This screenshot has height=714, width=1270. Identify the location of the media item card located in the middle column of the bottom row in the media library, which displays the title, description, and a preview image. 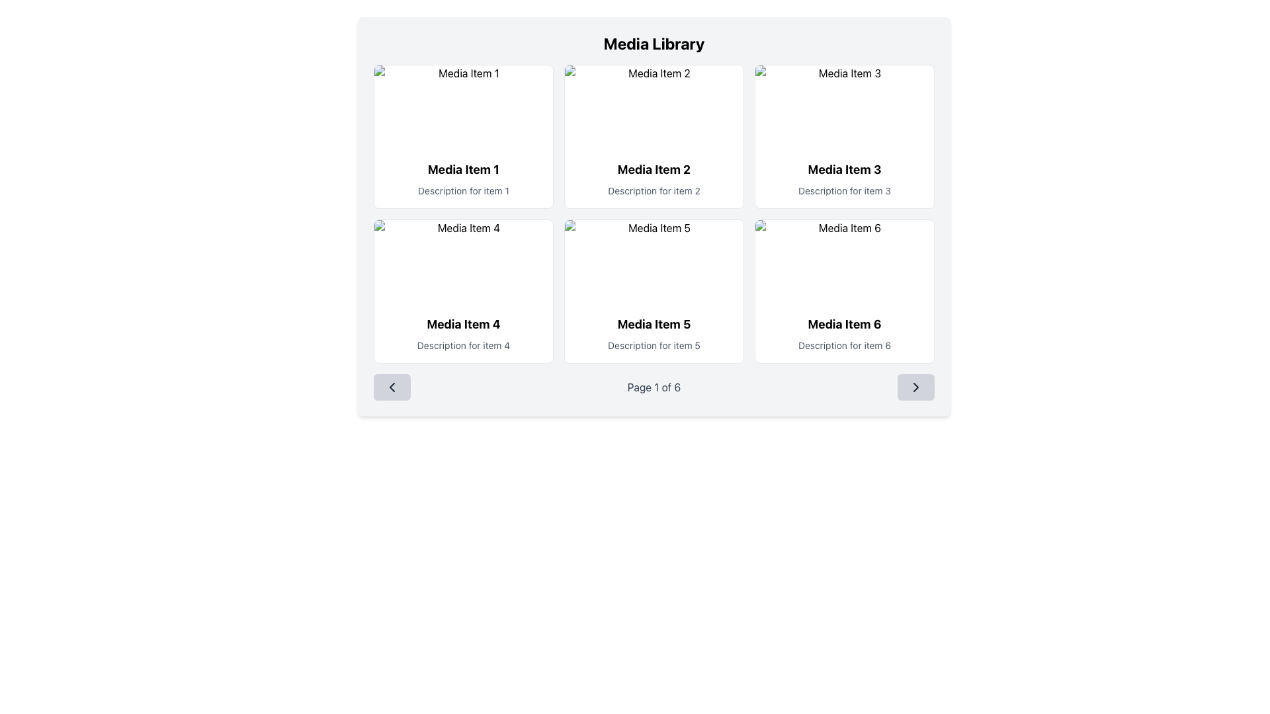
(654, 290).